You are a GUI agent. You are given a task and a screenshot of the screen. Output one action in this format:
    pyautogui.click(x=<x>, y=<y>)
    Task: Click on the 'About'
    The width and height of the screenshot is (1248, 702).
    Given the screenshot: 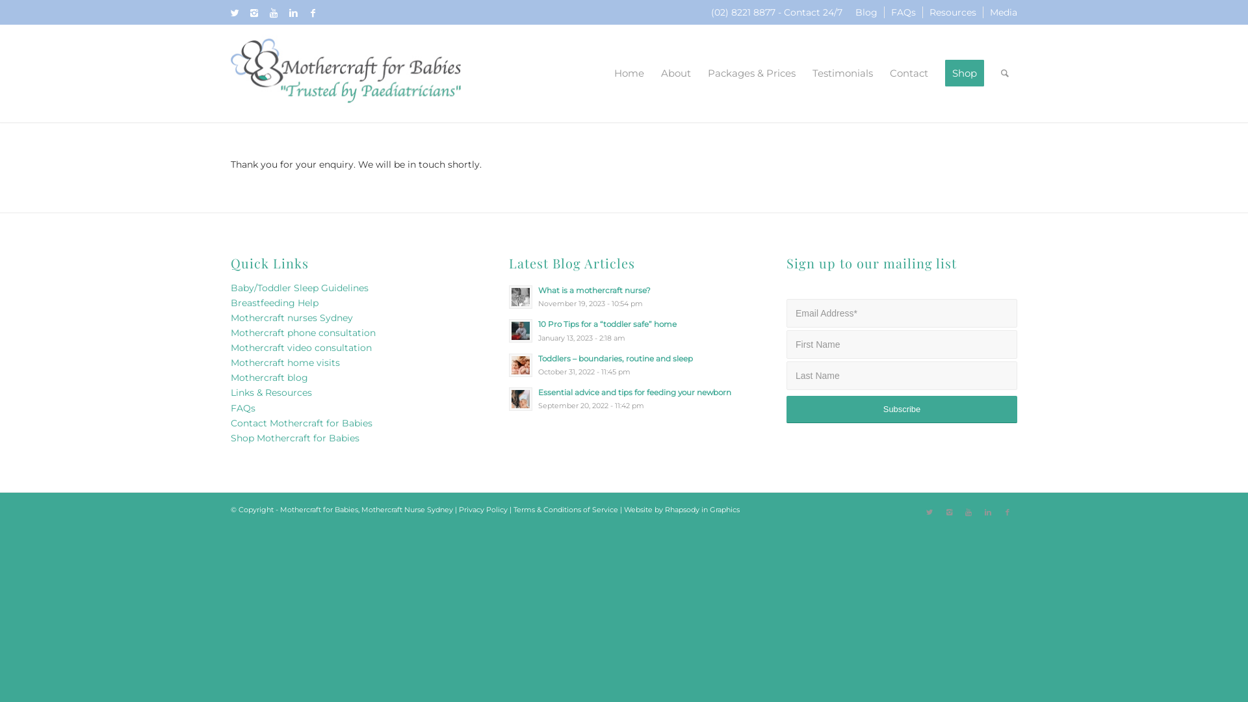 What is the action you would take?
    pyautogui.click(x=652, y=73)
    